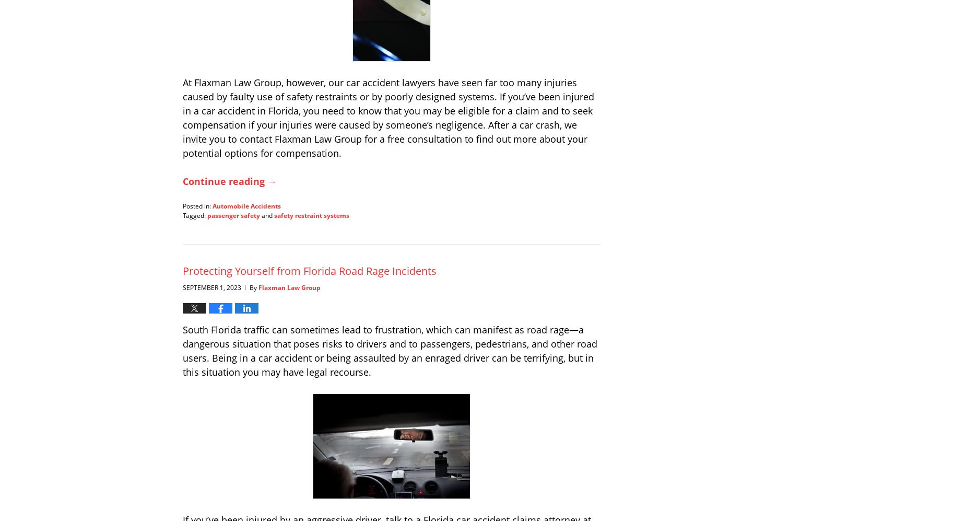 This screenshot has height=521, width=966. I want to click on 'September 1, 2023', so click(211, 287).